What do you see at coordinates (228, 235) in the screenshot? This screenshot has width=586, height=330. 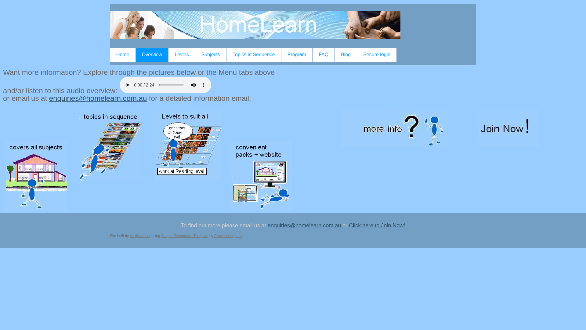 I see `'Prowebdesign.ro'` at bounding box center [228, 235].